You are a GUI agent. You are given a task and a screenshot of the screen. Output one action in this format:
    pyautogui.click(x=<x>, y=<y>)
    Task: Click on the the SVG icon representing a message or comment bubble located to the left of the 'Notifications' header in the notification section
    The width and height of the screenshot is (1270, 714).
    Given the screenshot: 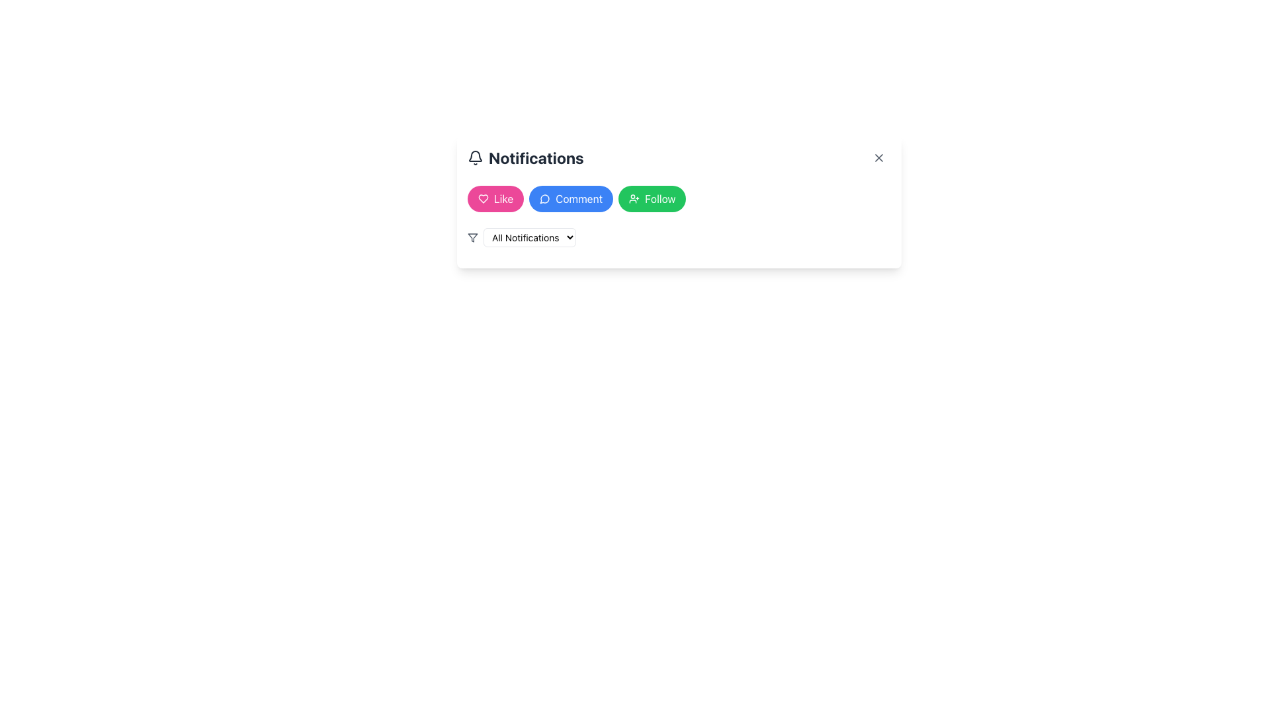 What is the action you would take?
    pyautogui.click(x=544, y=199)
    